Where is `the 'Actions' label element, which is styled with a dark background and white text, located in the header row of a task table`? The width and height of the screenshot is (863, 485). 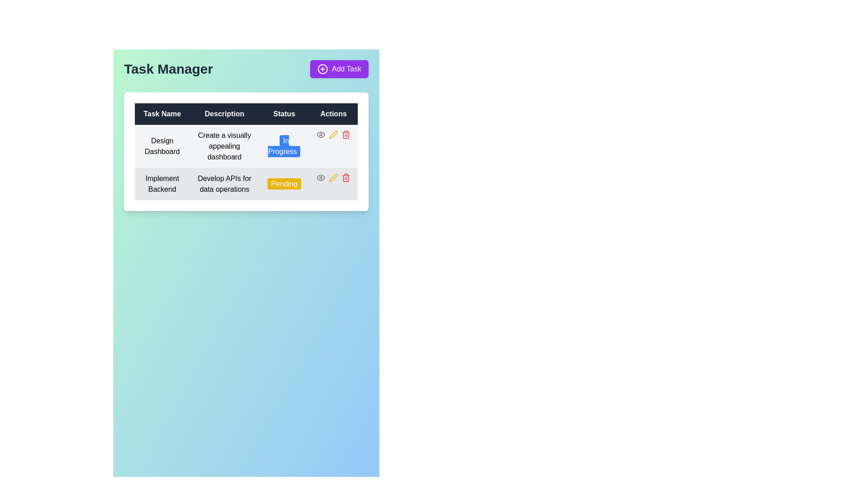
the 'Actions' label element, which is styled with a dark background and white text, located in the header row of a task table is located at coordinates (333, 114).